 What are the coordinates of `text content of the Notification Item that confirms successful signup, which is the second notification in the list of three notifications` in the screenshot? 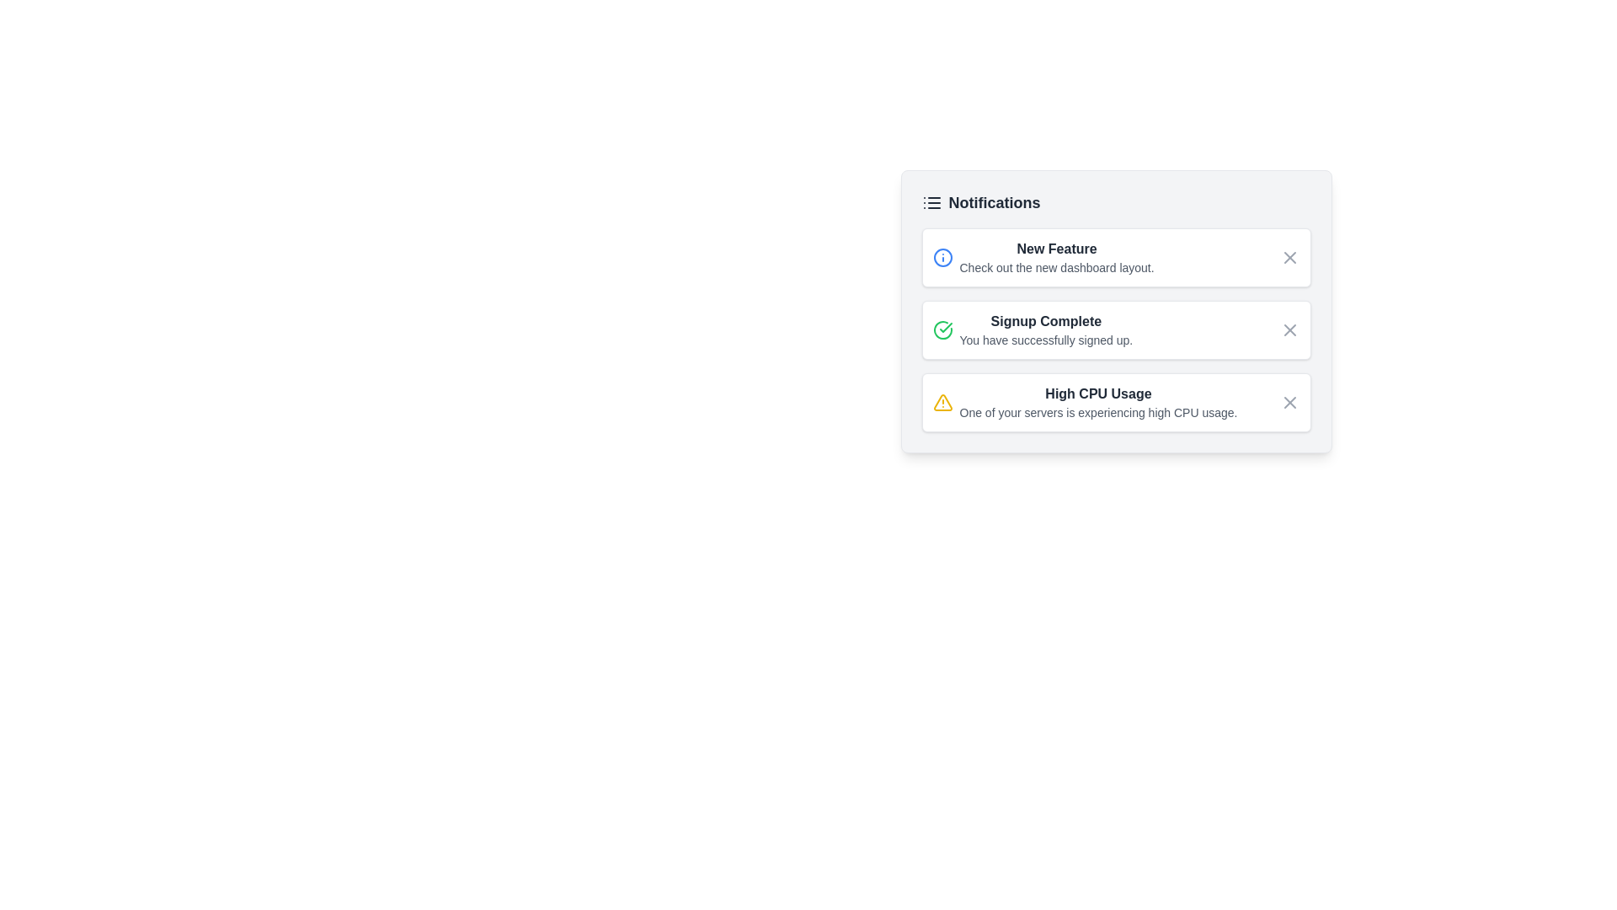 It's located at (1032, 330).